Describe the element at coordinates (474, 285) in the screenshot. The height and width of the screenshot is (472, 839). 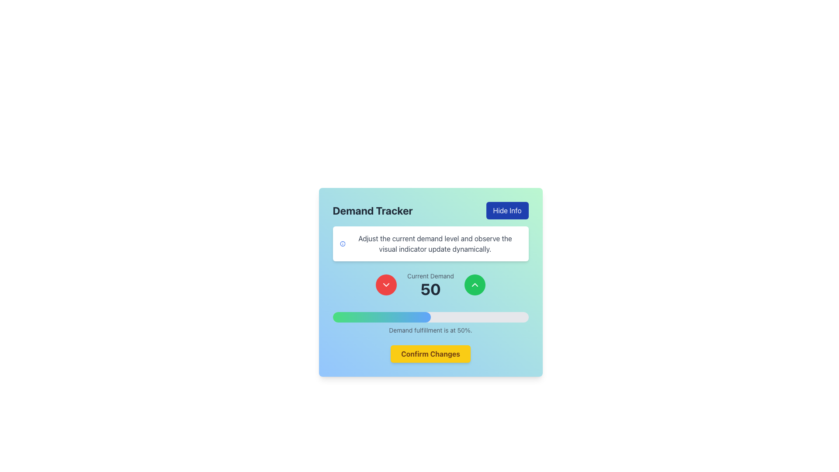
I see `the Icon button located on the right side of the 'Current Demand' label` at that location.